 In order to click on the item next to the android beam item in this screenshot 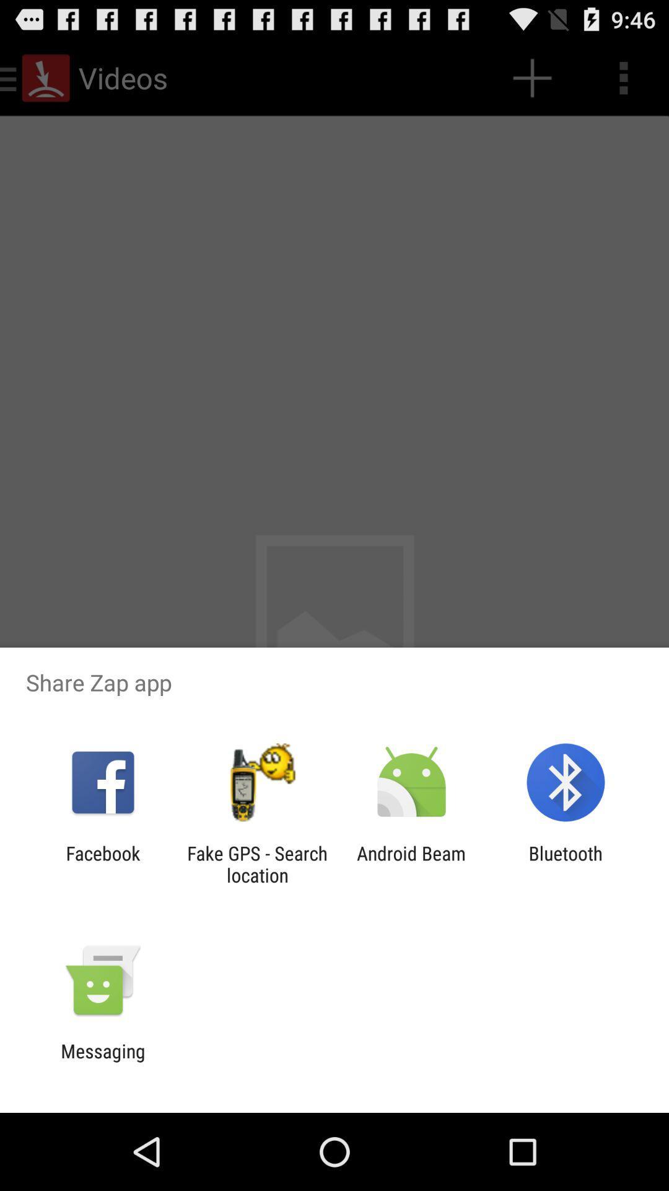, I will do `click(256, 863)`.